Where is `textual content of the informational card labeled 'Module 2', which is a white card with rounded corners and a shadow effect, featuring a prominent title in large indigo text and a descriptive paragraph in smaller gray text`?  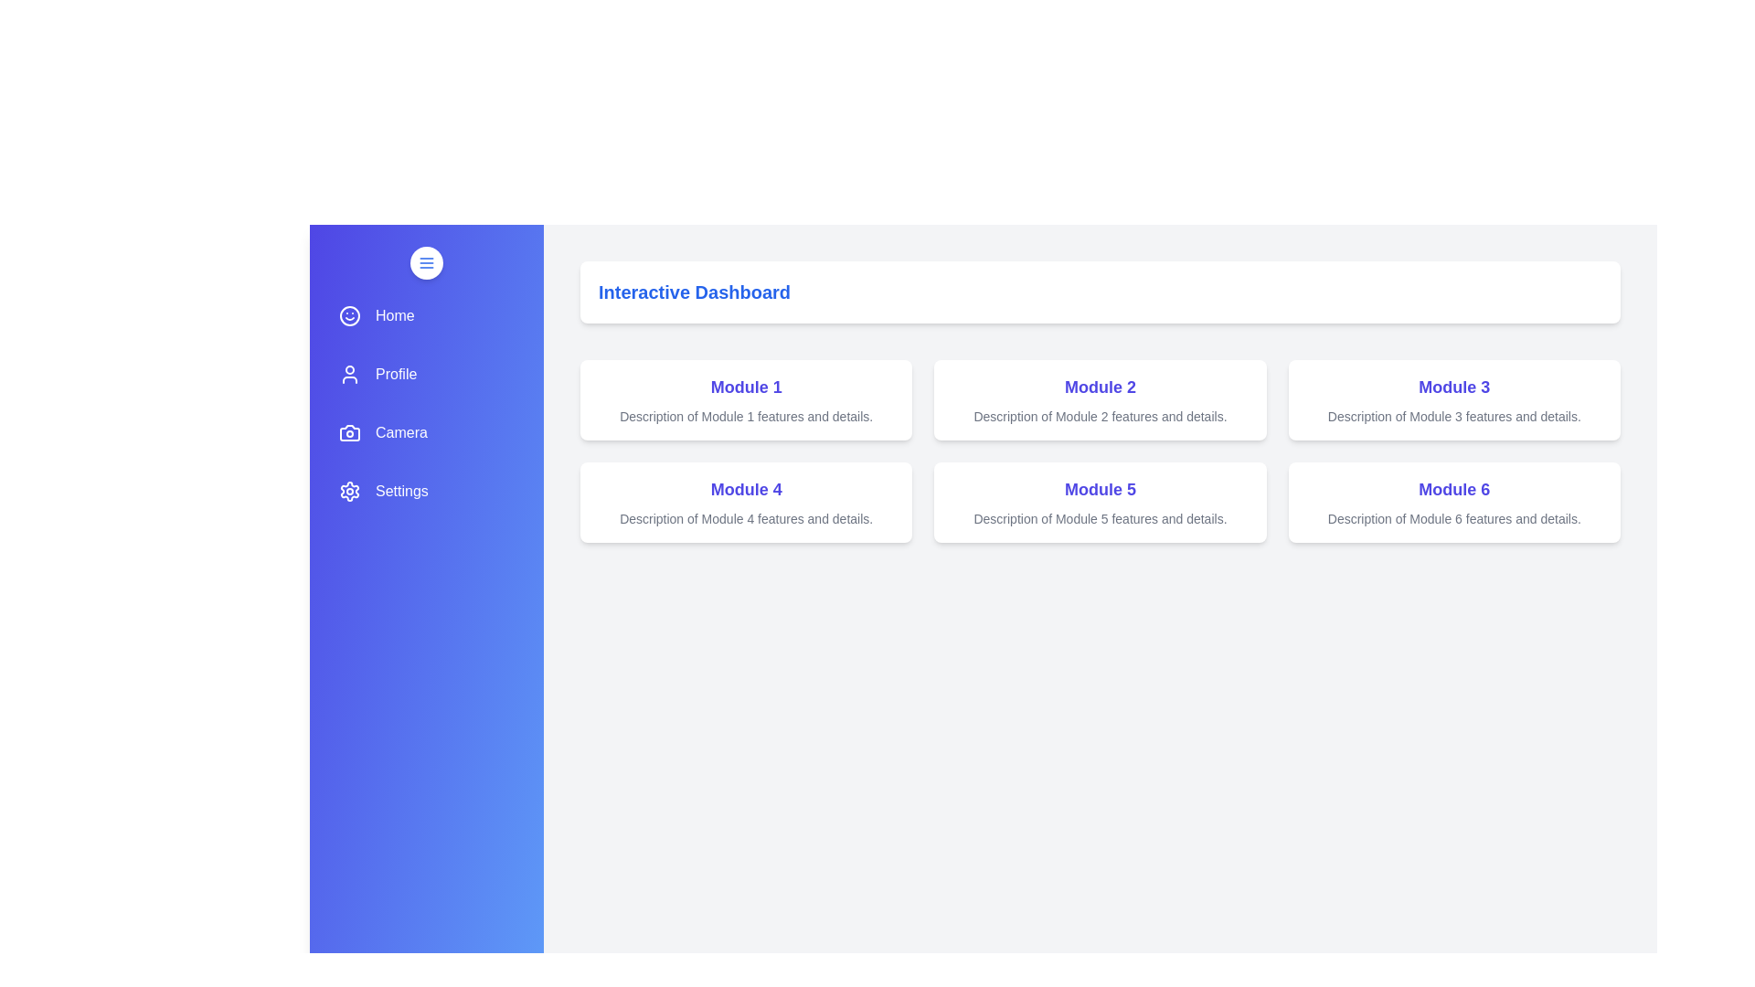 textual content of the informational card labeled 'Module 2', which is a white card with rounded corners and a shadow effect, featuring a prominent title in large indigo text and a descriptive paragraph in smaller gray text is located at coordinates (1100, 399).